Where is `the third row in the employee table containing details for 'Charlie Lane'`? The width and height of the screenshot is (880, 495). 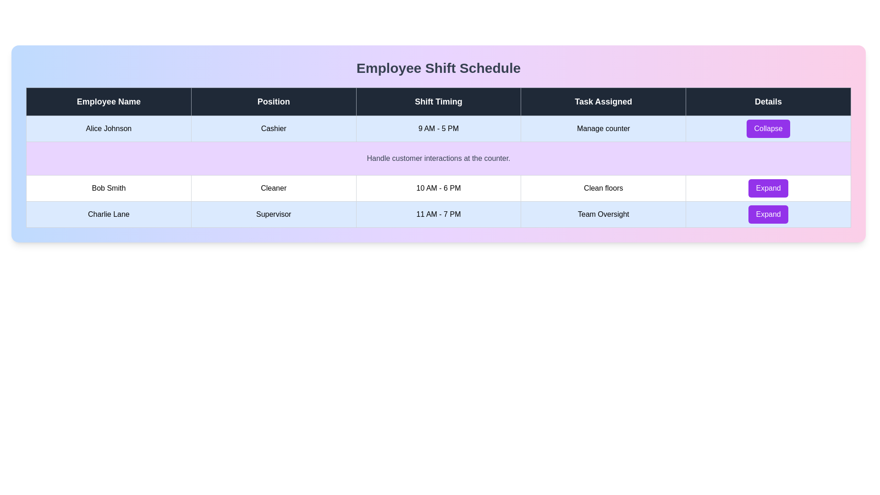 the third row in the employee table containing details for 'Charlie Lane' is located at coordinates (438, 214).